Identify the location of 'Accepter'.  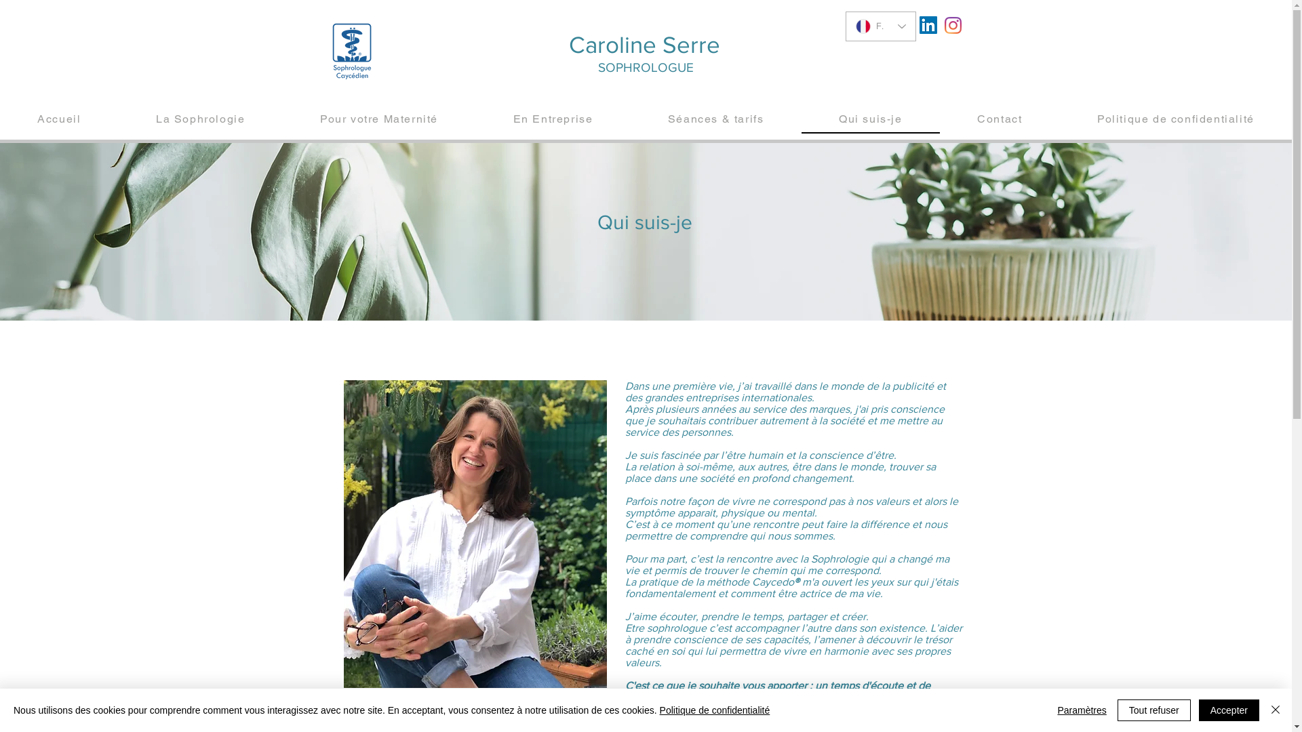
(1229, 710).